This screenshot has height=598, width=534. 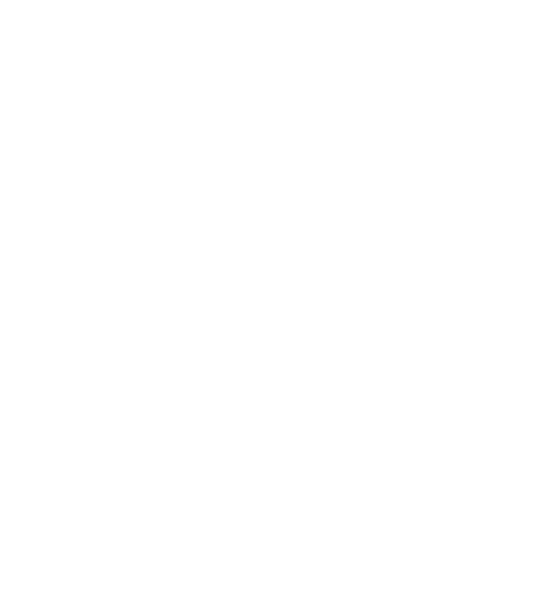 What do you see at coordinates (172, 79) in the screenshot?
I see `'Everything You Need to Know About DNS Attacks'` at bounding box center [172, 79].